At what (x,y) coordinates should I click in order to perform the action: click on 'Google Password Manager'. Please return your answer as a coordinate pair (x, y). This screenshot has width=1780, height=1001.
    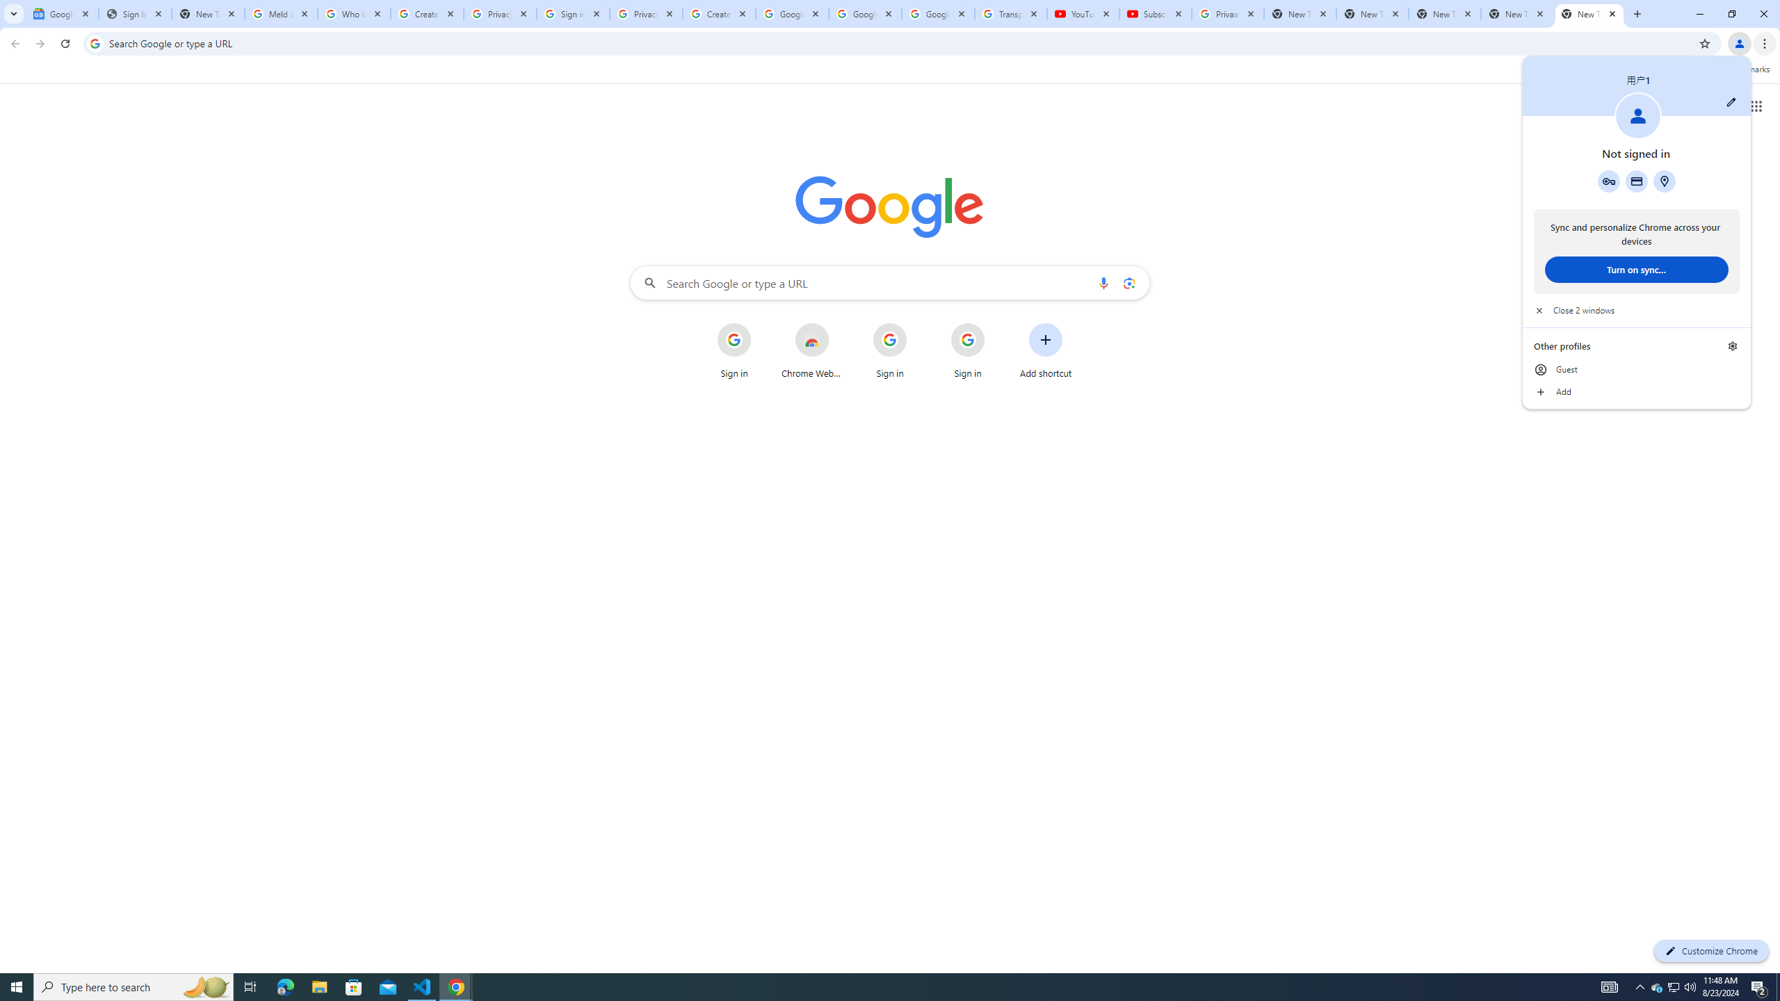
    Looking at the image, I should click on (1609, 181).